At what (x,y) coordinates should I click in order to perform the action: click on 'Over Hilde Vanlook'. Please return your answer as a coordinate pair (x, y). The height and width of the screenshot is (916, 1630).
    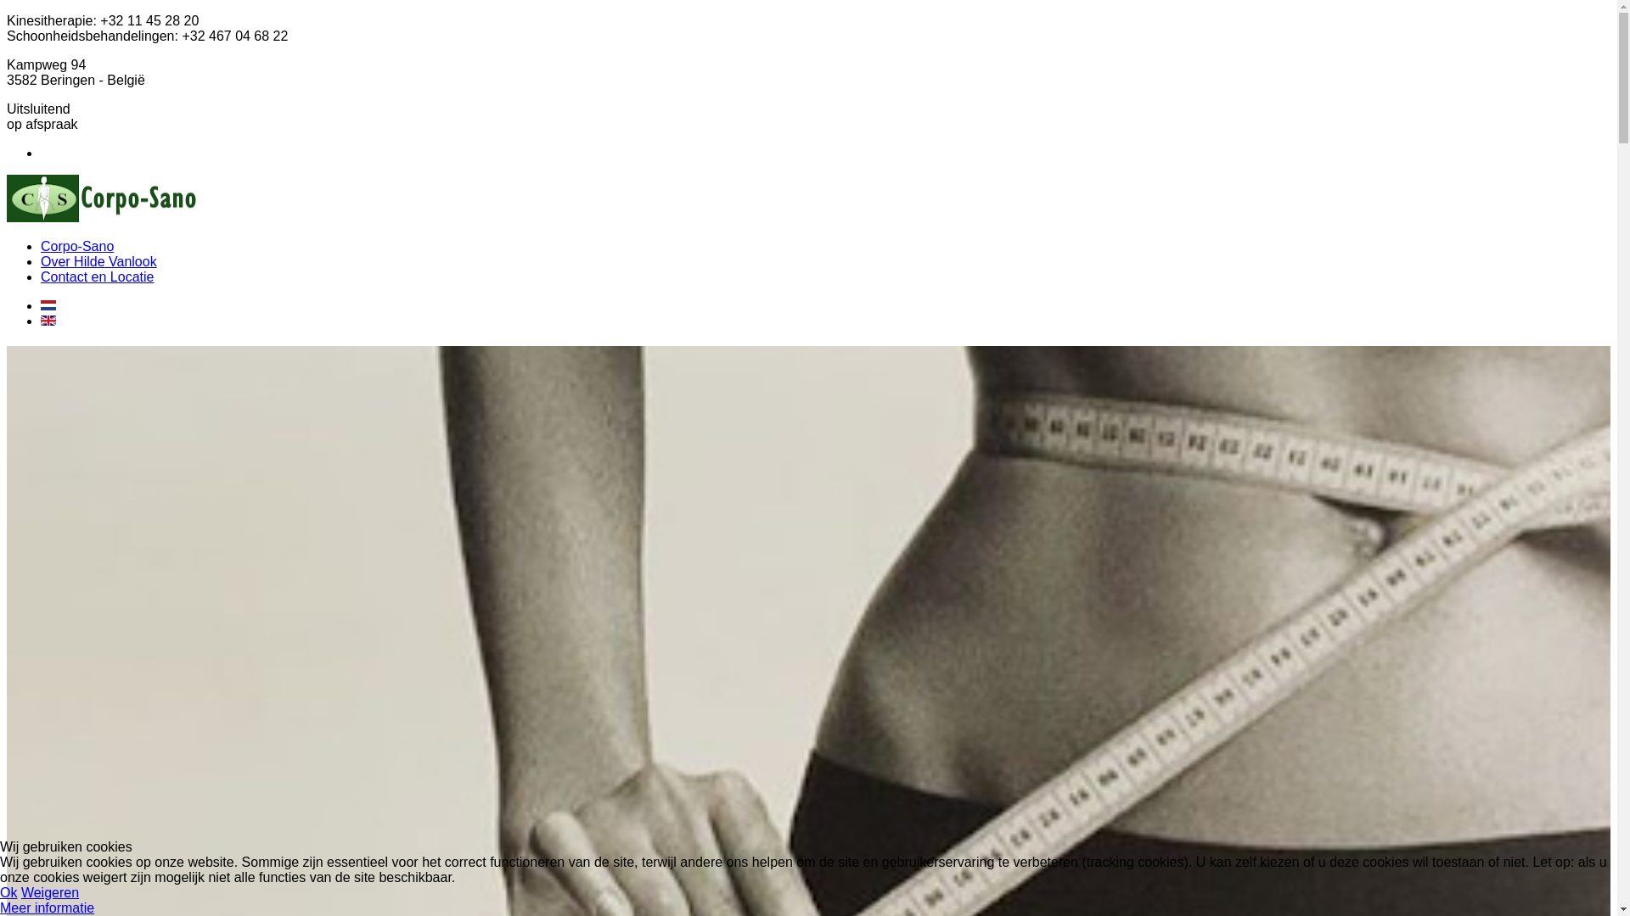
    Looking at the image, I should click on (98, 261).